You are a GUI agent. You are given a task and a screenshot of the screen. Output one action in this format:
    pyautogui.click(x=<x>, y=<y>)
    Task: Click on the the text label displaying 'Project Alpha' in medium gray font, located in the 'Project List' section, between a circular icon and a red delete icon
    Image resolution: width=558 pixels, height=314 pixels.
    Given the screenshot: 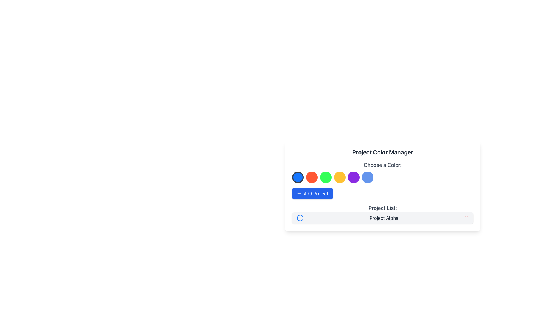 What is the action you would take?
    pyautogui.click(x=384, y=218)
    